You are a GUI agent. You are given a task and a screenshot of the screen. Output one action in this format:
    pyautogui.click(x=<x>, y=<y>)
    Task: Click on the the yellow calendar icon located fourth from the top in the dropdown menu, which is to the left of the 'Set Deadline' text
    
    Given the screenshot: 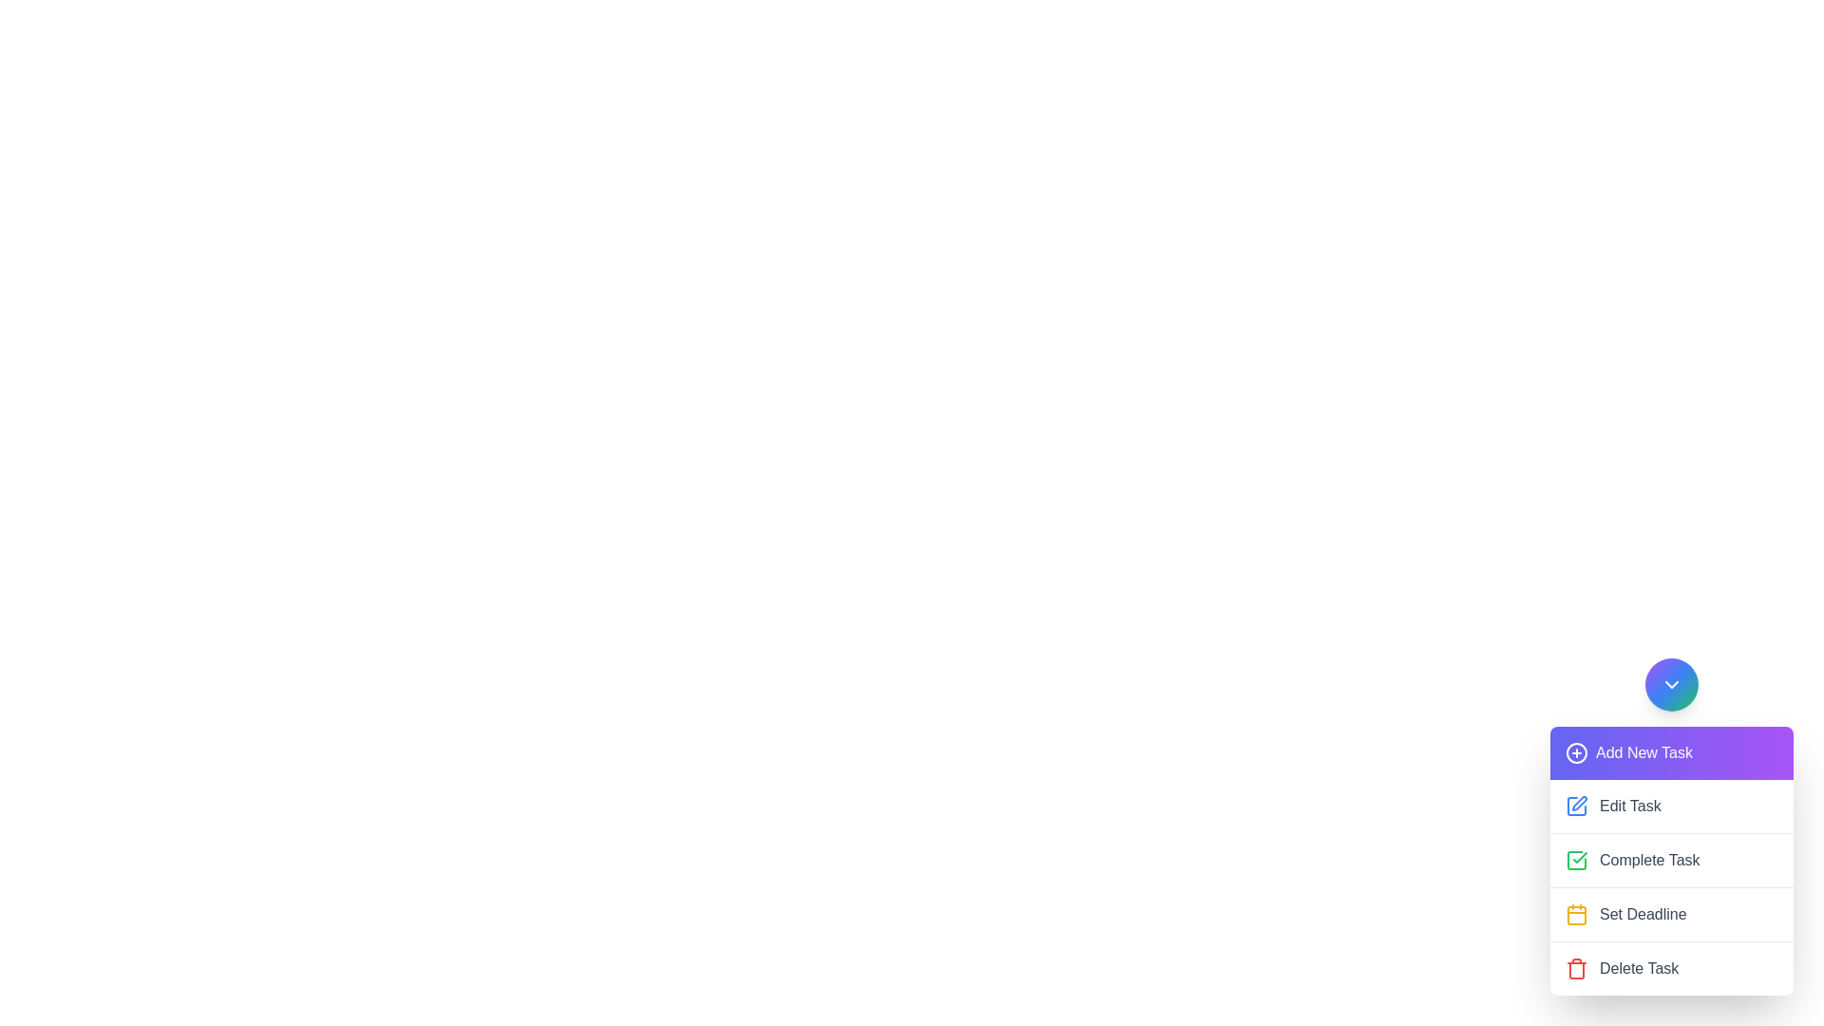 What is the action you would take?
    pyautogui.click(x=1577, y=914)
    